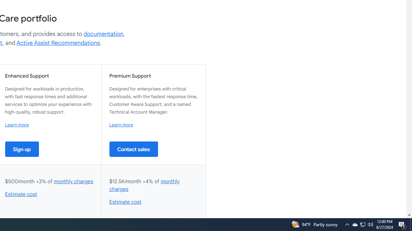 This screenshot has height=231, width=412. What do you see at coordinates (133, 149) in the screenshot?
I see `'Contact sales'` at bounding box center [133, 149].